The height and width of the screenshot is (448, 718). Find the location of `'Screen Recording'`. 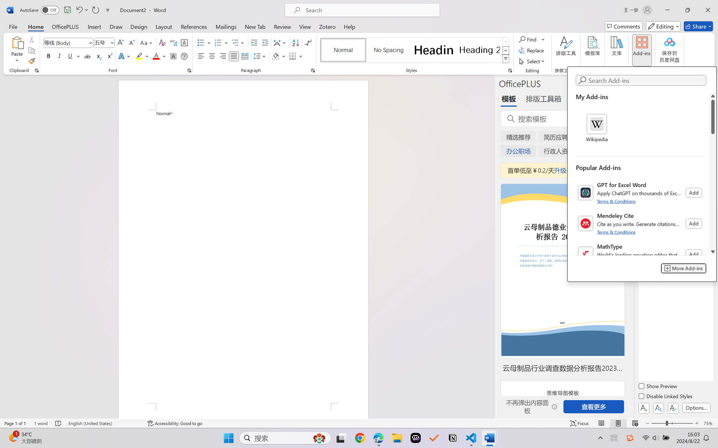

'Screen Recording' is located at coordinates (81, 32).